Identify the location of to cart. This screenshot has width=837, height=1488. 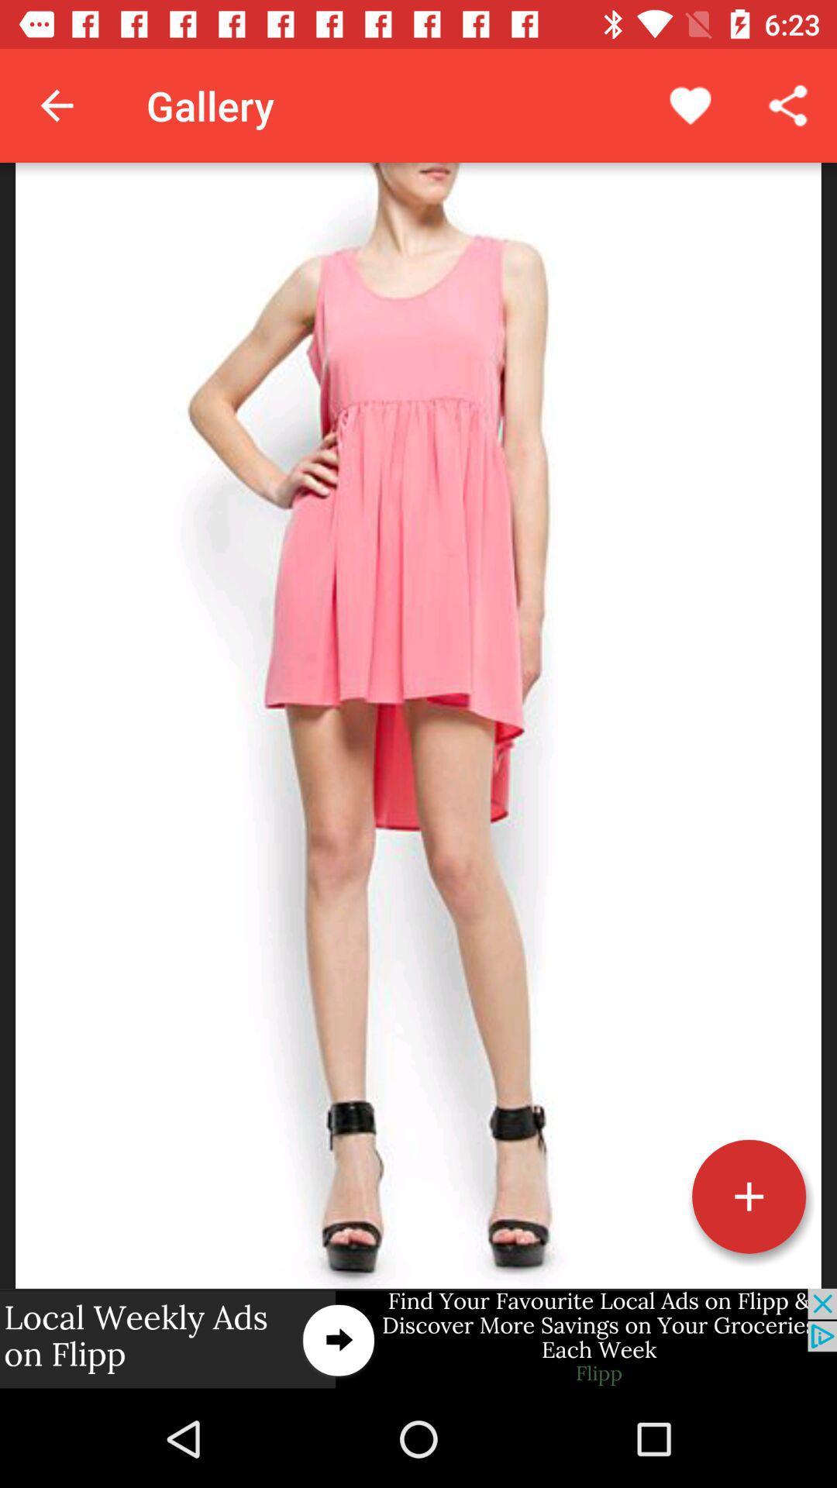
(748, 1196).